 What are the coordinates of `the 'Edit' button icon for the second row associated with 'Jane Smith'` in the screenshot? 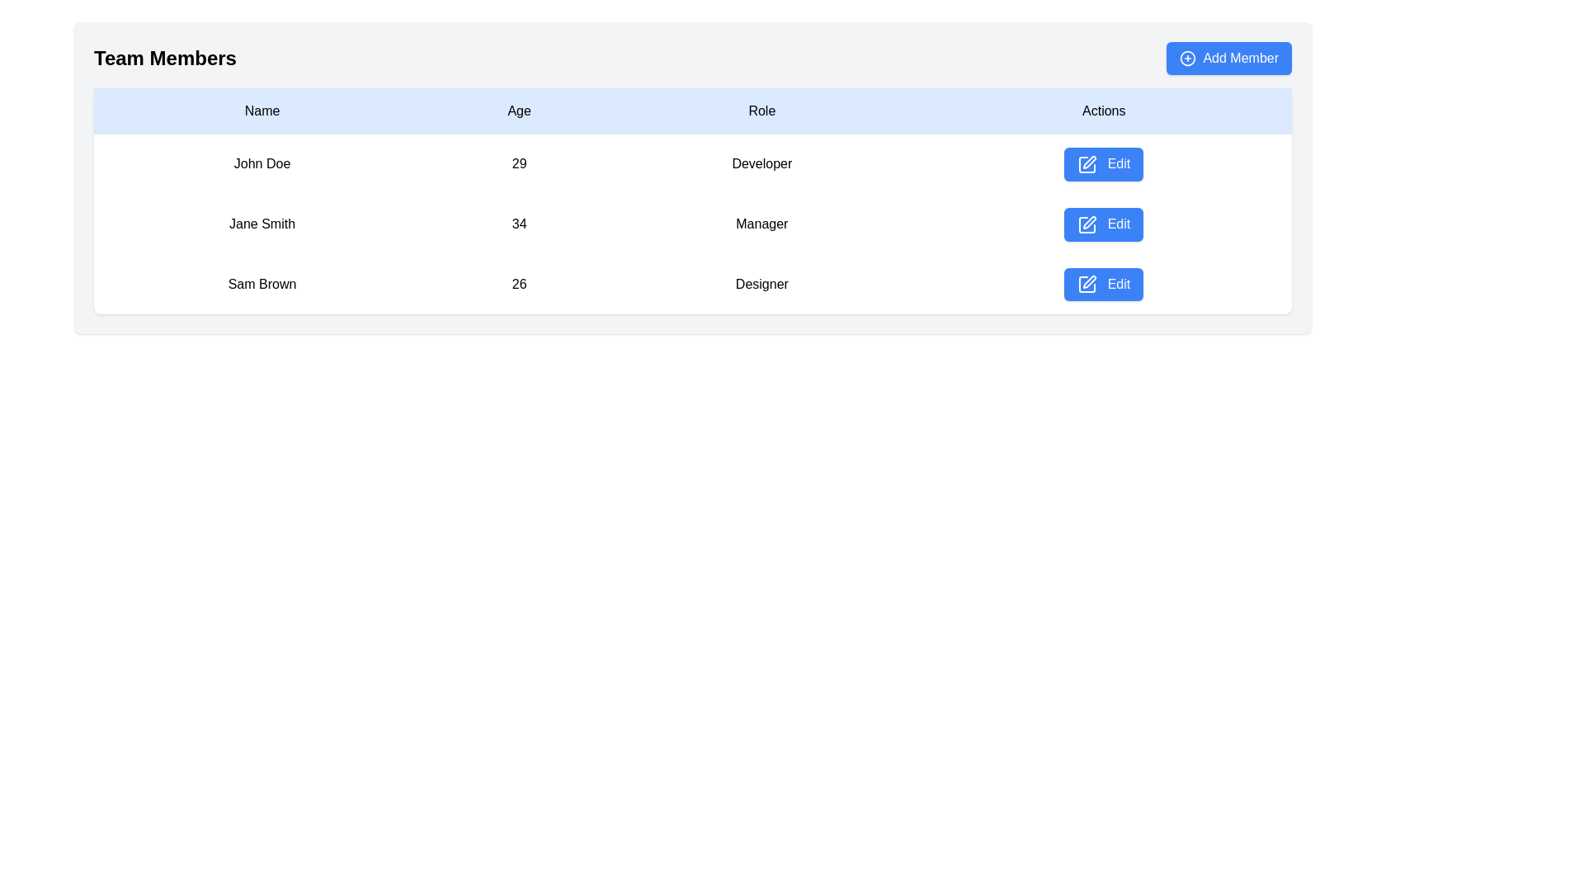 It's located at (1090, 221).